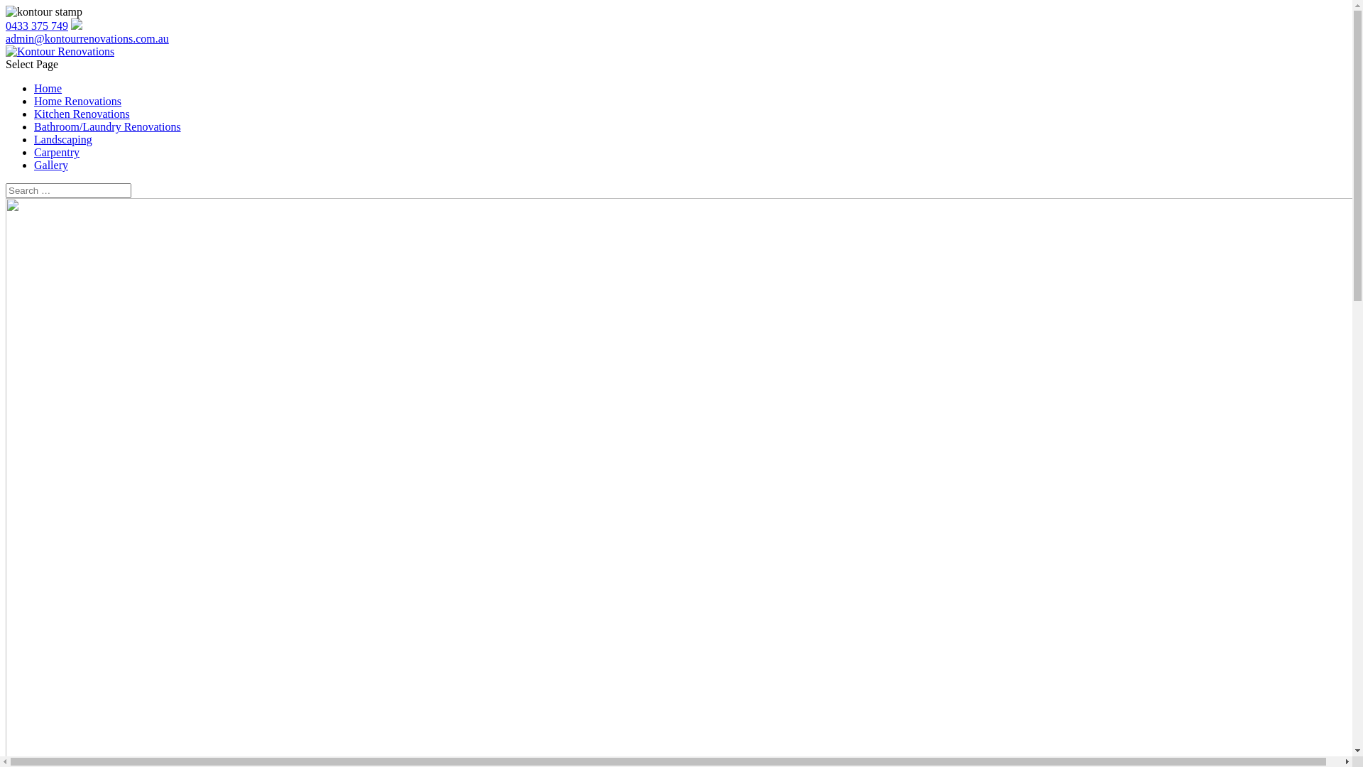 This screenshot has width=1363, height=767. What do you see at coordinates (6, 190) in the screenshot?
I see `'Search for:'` at bounding box center [6, 190].